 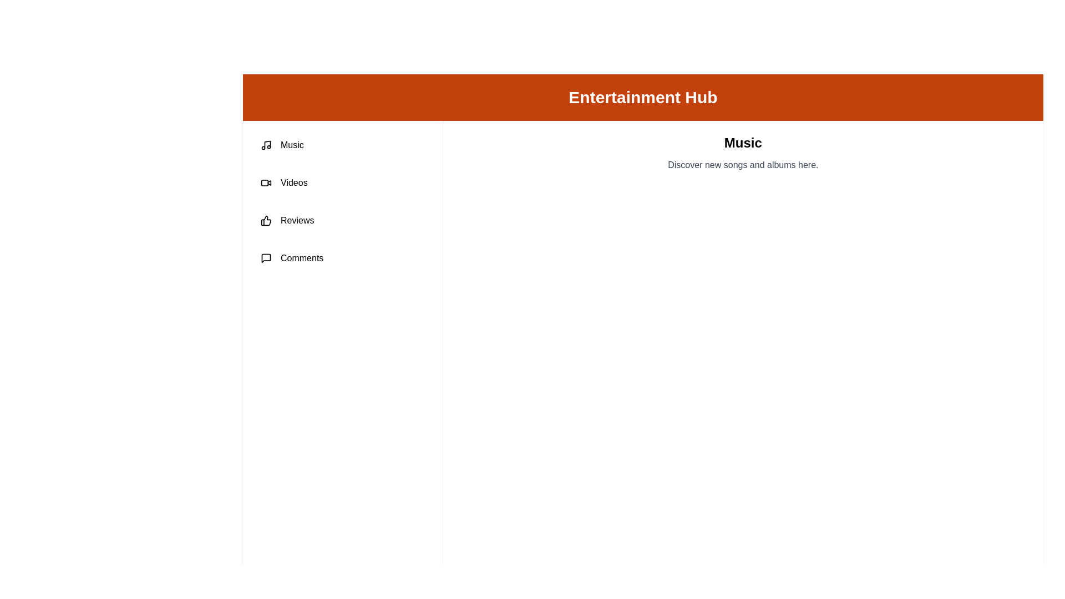 What do you see at coordinates (342, 145) in the screenshot?
I see `the tab labeled Music to view its content` at bounding box center [342, 145].